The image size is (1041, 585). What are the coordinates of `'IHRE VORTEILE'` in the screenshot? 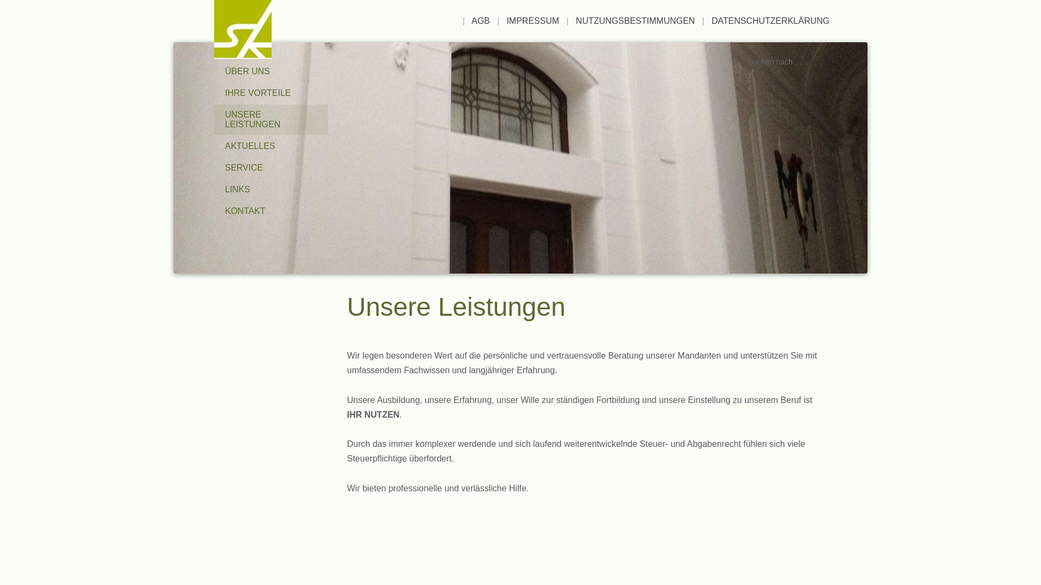 It's located at (271, 93).